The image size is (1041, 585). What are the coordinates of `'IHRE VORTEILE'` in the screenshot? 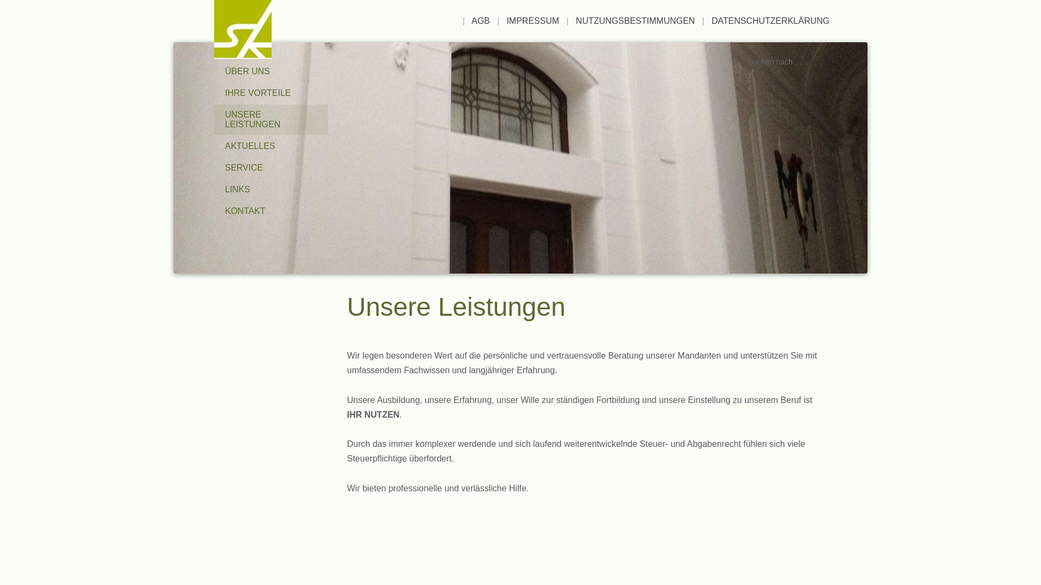 It's located at (271, 93).